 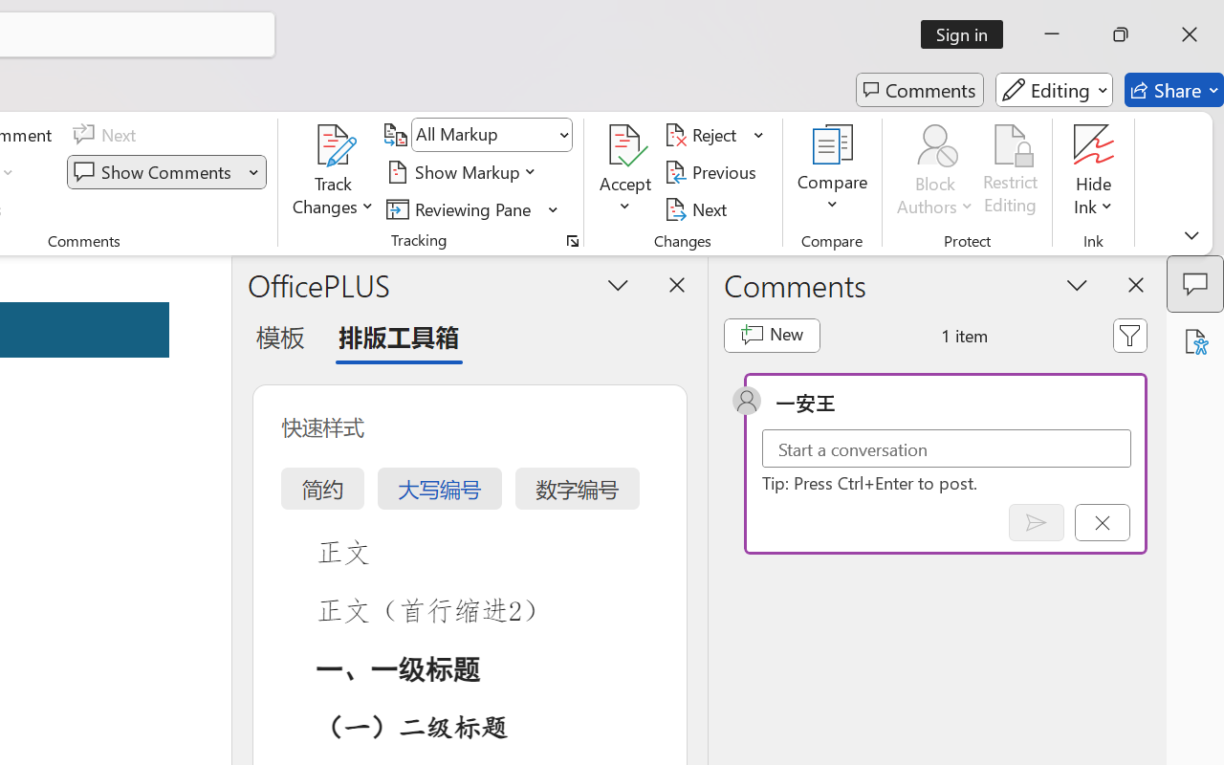 I want to click on 'Accessibility Assistant', so click(x=1193, y=341).